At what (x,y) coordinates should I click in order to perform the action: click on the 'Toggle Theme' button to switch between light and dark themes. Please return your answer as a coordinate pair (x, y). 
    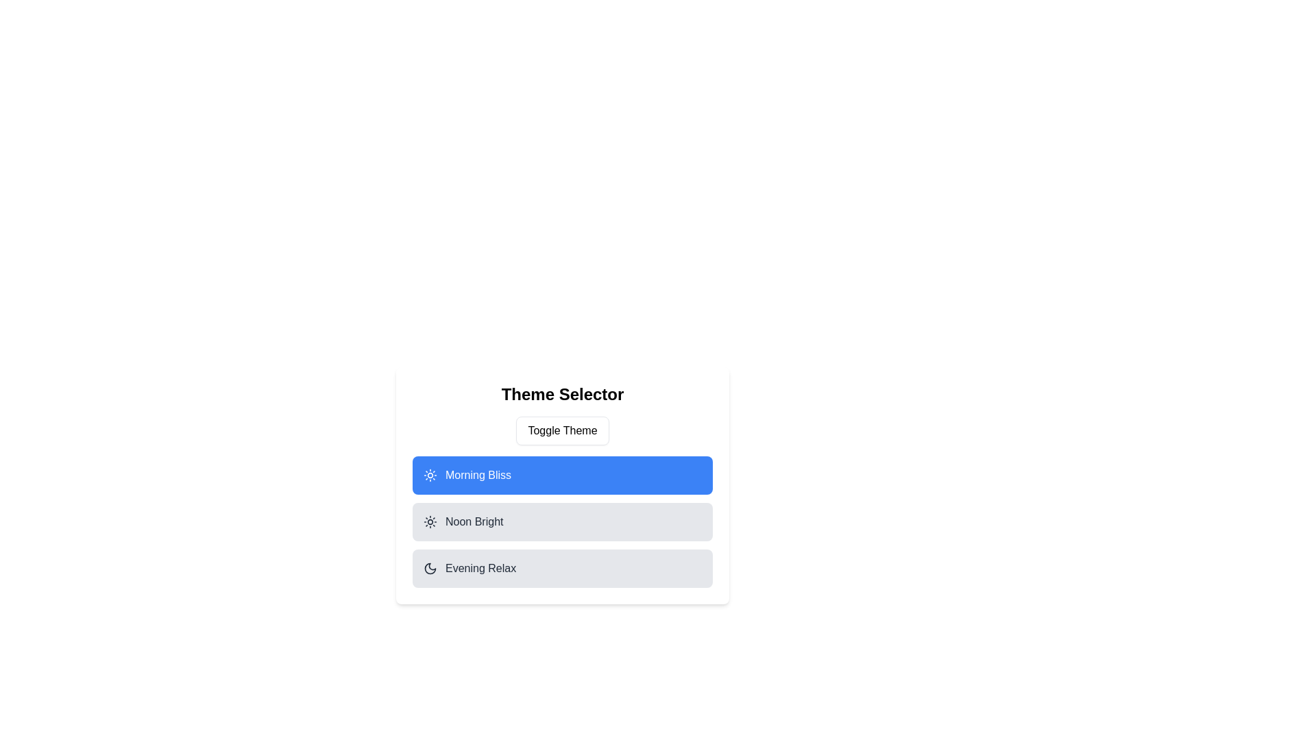
    Looking at the image, I should click on (562, 430).